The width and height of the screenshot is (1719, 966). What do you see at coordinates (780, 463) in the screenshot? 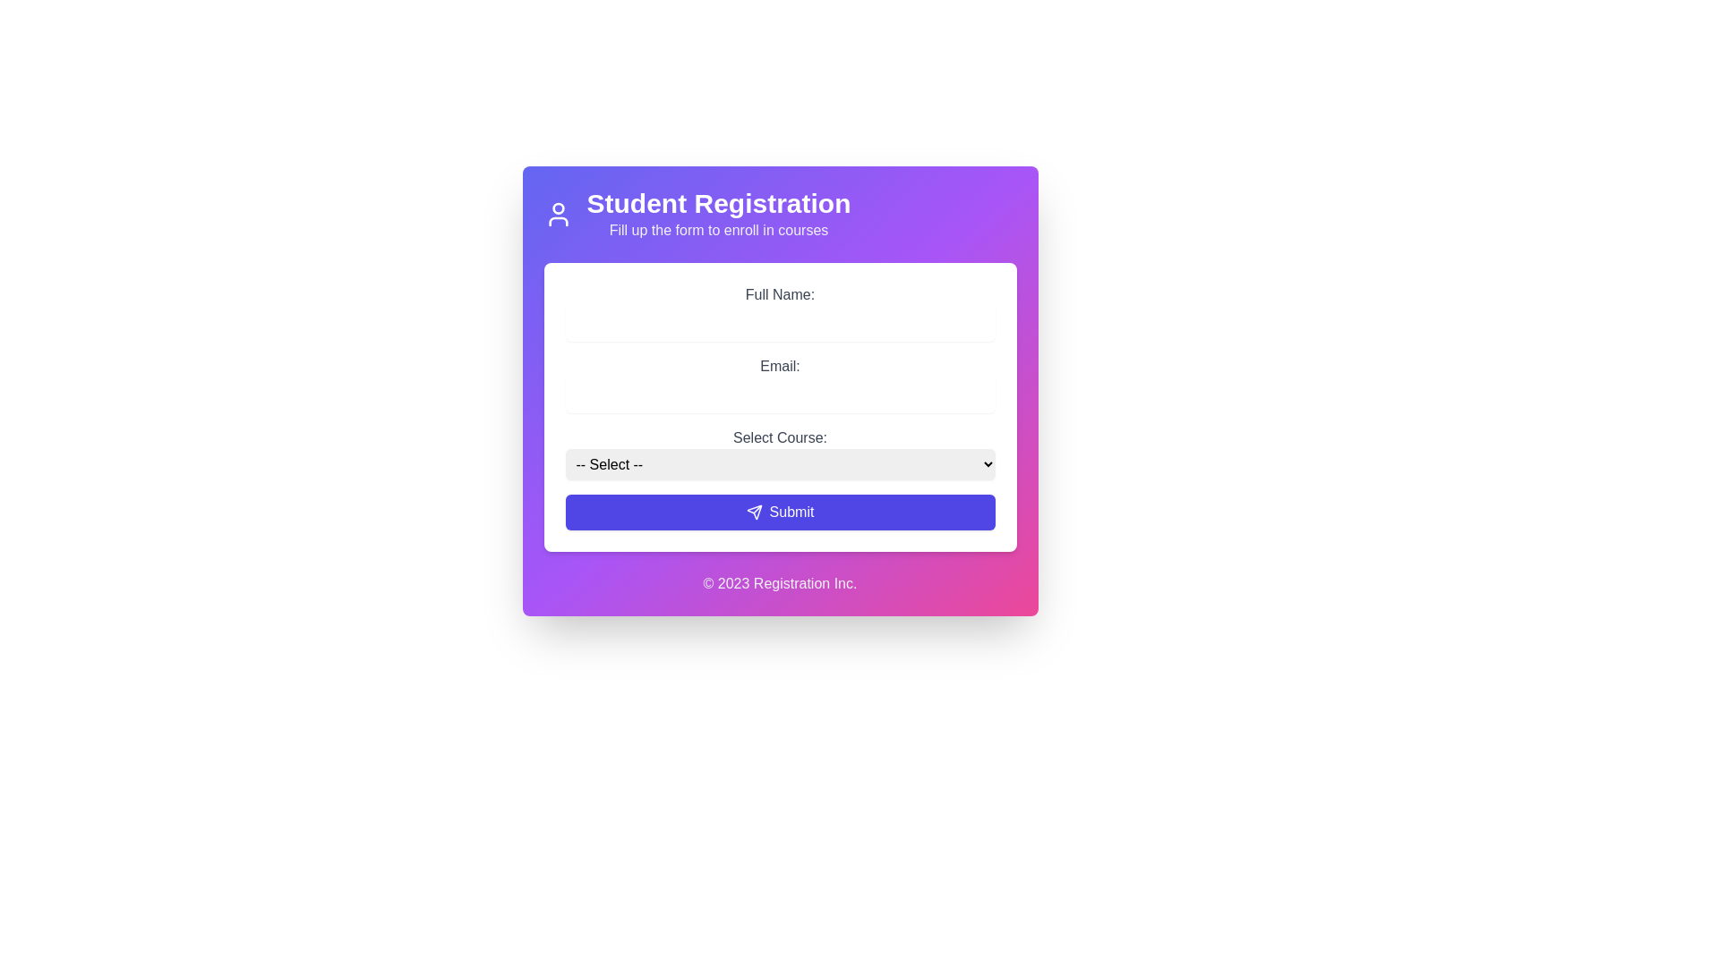
I see `the dropdown menu labeled '-- Select --'` at bounding box center [780, 463].